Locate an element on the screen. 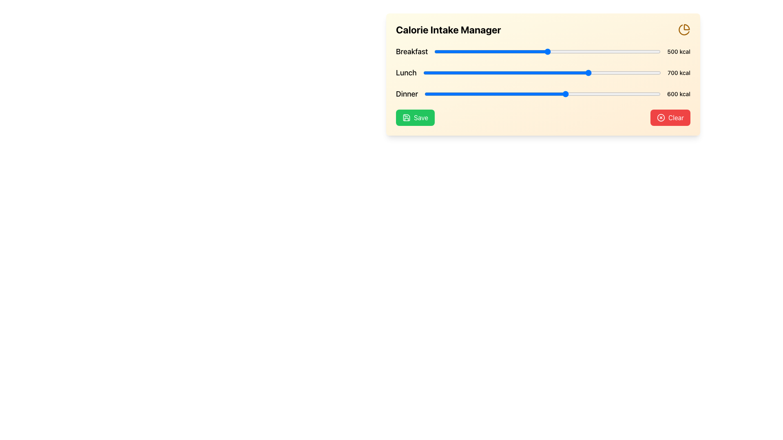 This screenshot has height=440, width=783. the dinner calorie intake slider is located at coordinates (485, 94).